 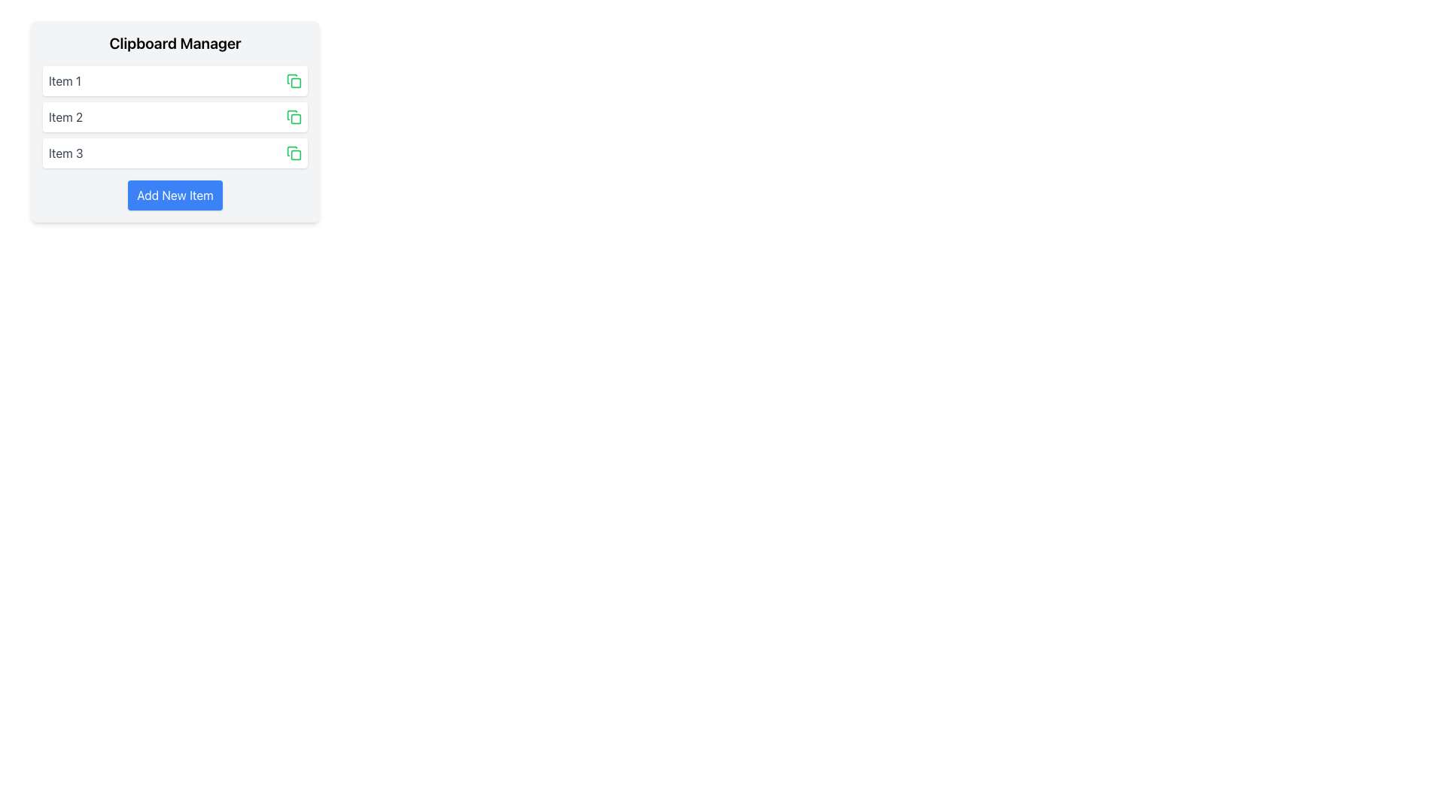 I want to click on the copy button located to the right of the 'Item 1' label in the Clipboard Manager section, so click(x=294, y=81).